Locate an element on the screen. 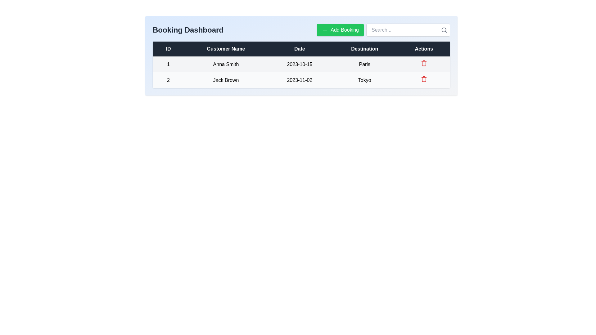 The height and width of the screenshot is (335, 596). the static text label that displays the unique identifier for the 'Jack Brown' row in the table, located in the first column of the second row is located at coordinates (168, 80).